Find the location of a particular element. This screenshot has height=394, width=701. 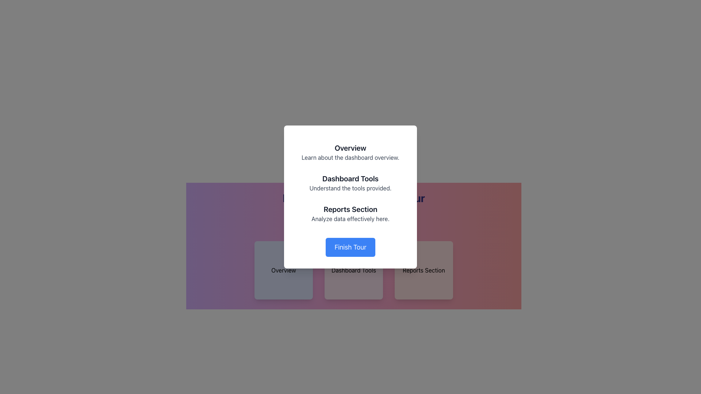

the prominent text label displaying 'Dashboard Tools', which is styled in large, bold, dark gray font and positioned at the top-center of a vertical list format is located at coordinates (350, 178).